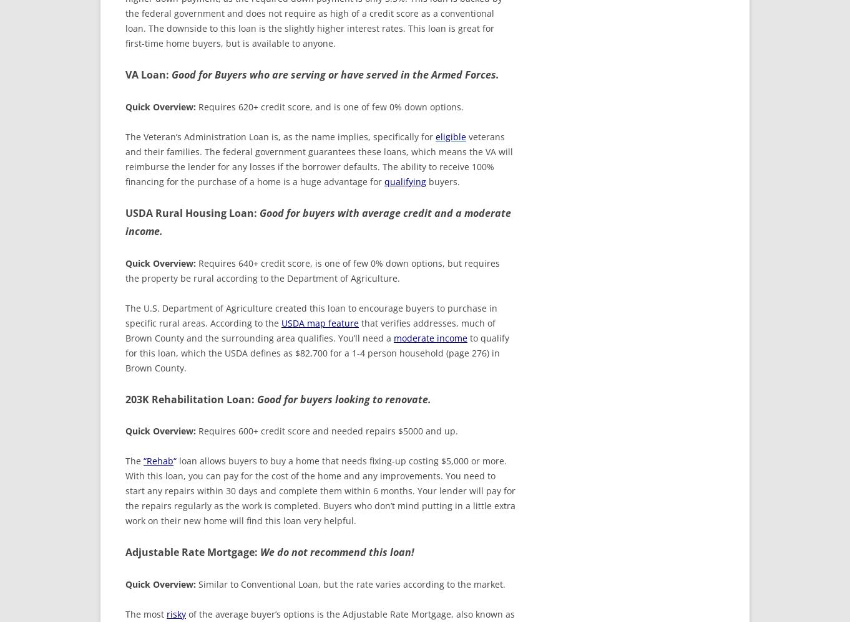 This screenshot has height=622, width=850. I want to click on 'Requires 600+ credit score and needed repairs $5000 and up.', so click(198, 430).